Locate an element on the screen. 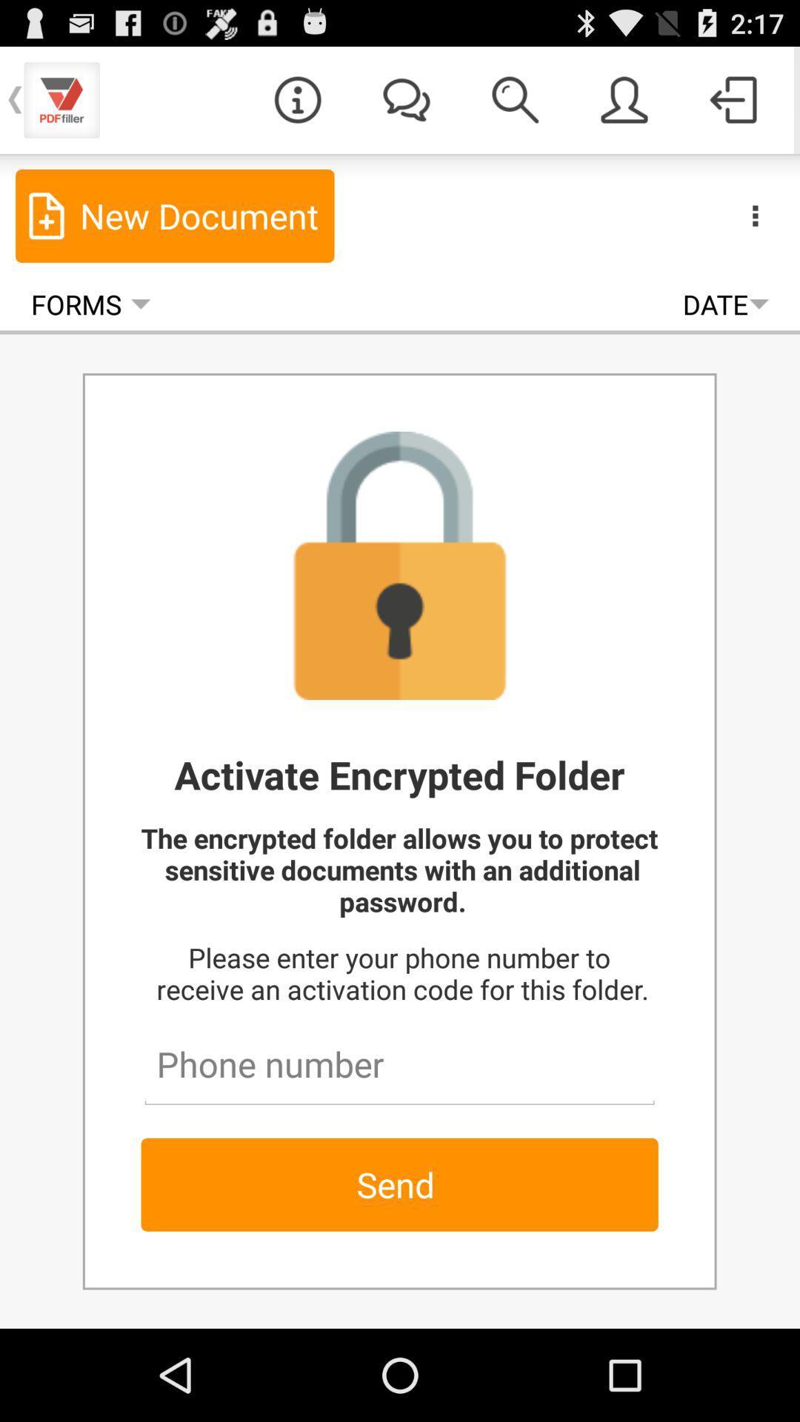  new document item is located at coordinates (174, 215).